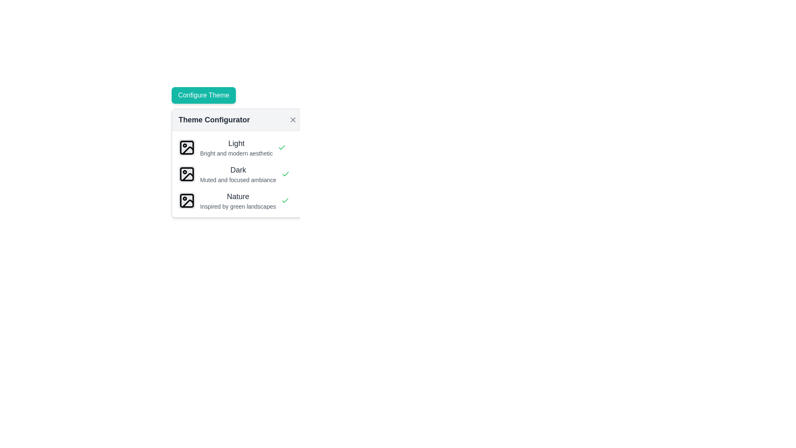 The height and width of the screenshot is (448, 796). What do you see at coordinates (186, 200) in the screenshot?
I see `the square icon with a light gray background and black image placeholder representation, located to the left of the text 'Nature'` at bounding box center [186, 200].